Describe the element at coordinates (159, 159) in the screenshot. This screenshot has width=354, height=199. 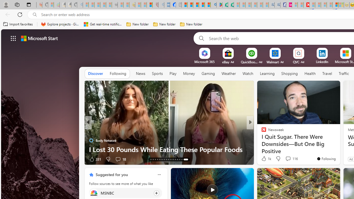
I see `'AutomationID: tab-17'` at that location.